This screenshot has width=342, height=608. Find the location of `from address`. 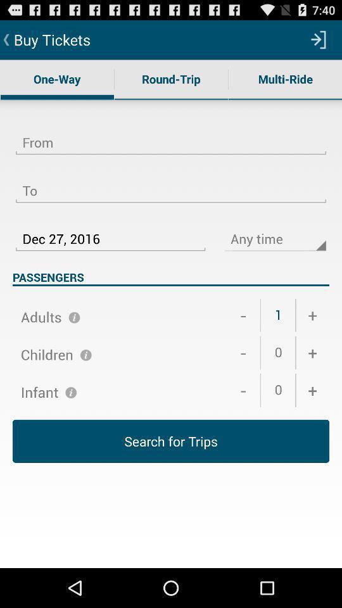

from address is located at coordinates (171, 135).